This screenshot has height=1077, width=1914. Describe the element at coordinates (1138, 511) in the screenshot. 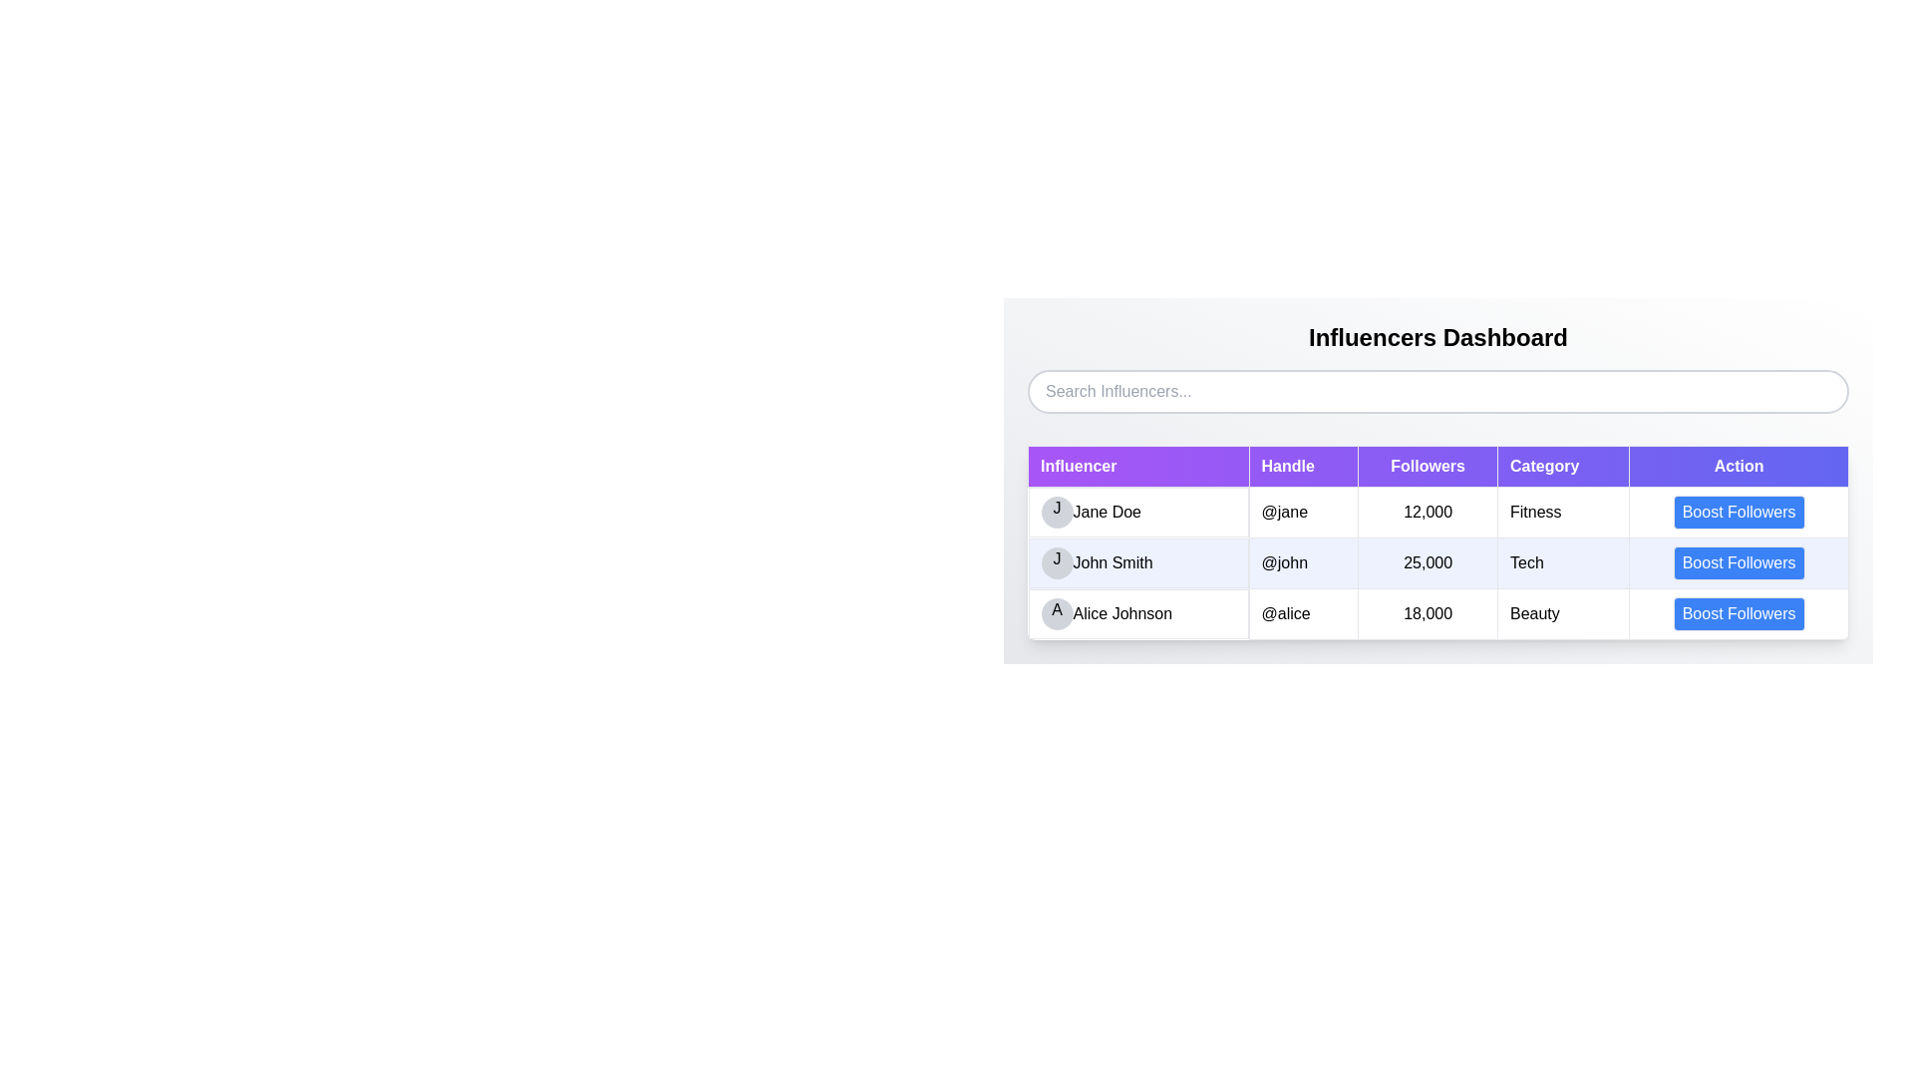

I see `the Label displaying 'JJane Doe' with a grey circular avatar in the first row under the 'Influencer' header` at that location.